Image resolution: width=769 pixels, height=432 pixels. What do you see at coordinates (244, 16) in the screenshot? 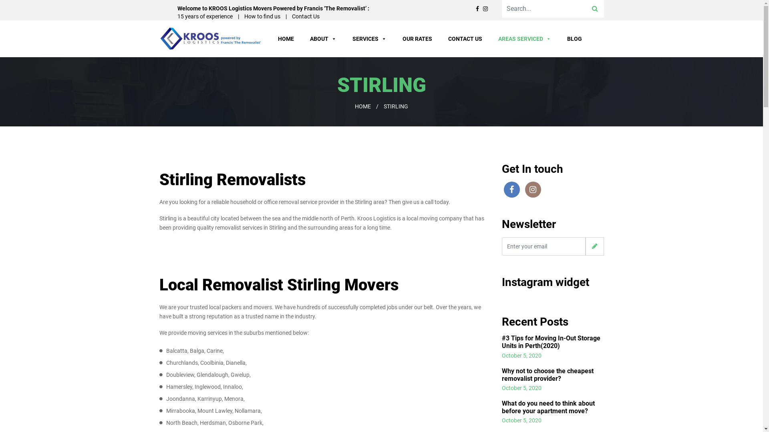
I see `'How to find us'` at bounding box center [244, 16].